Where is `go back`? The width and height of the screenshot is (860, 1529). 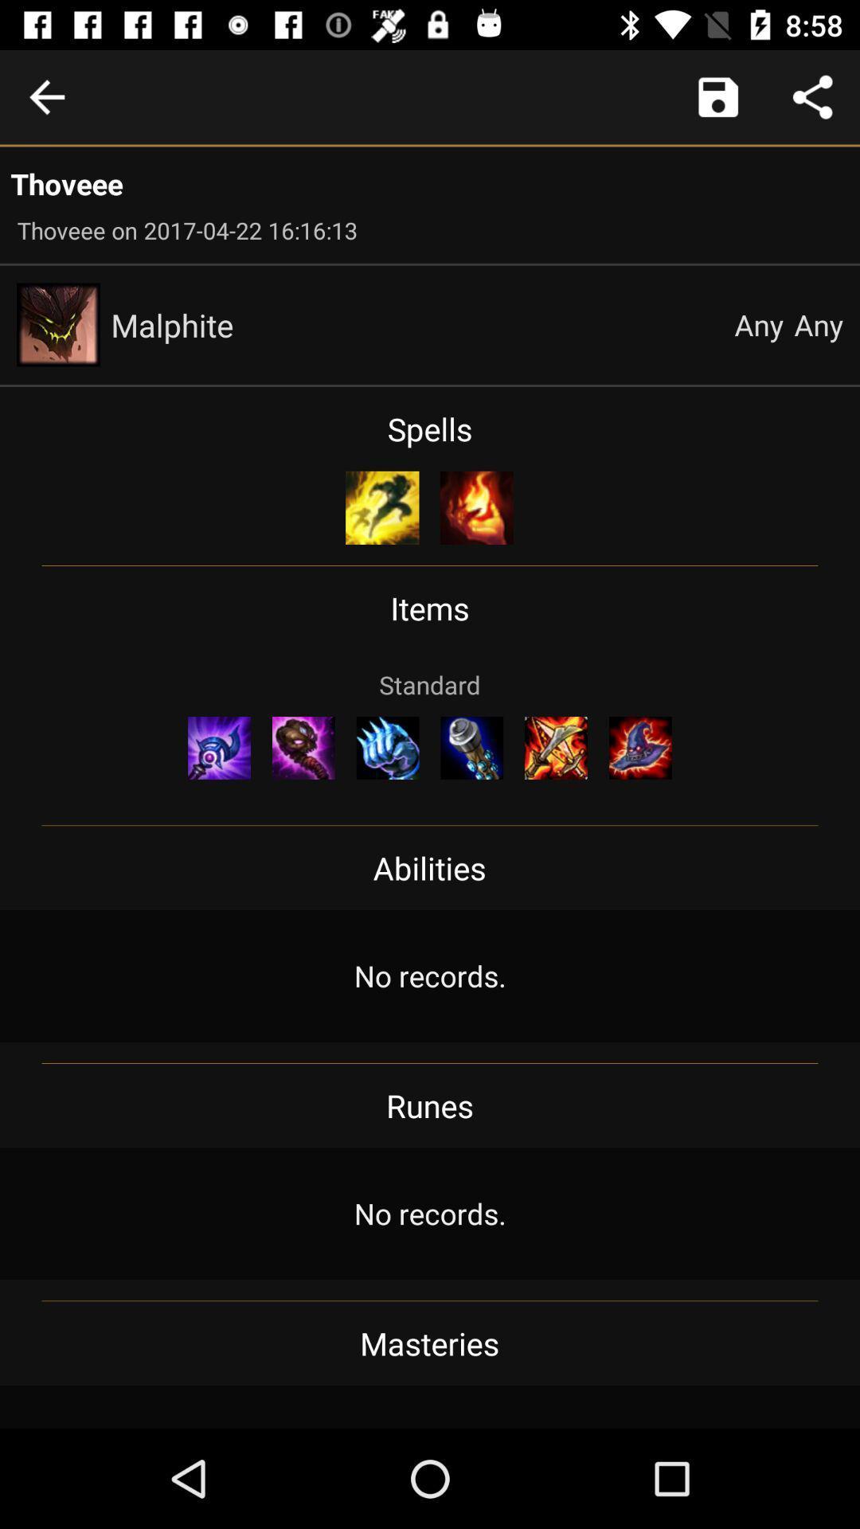 go back is located at coordinates (46, 96).